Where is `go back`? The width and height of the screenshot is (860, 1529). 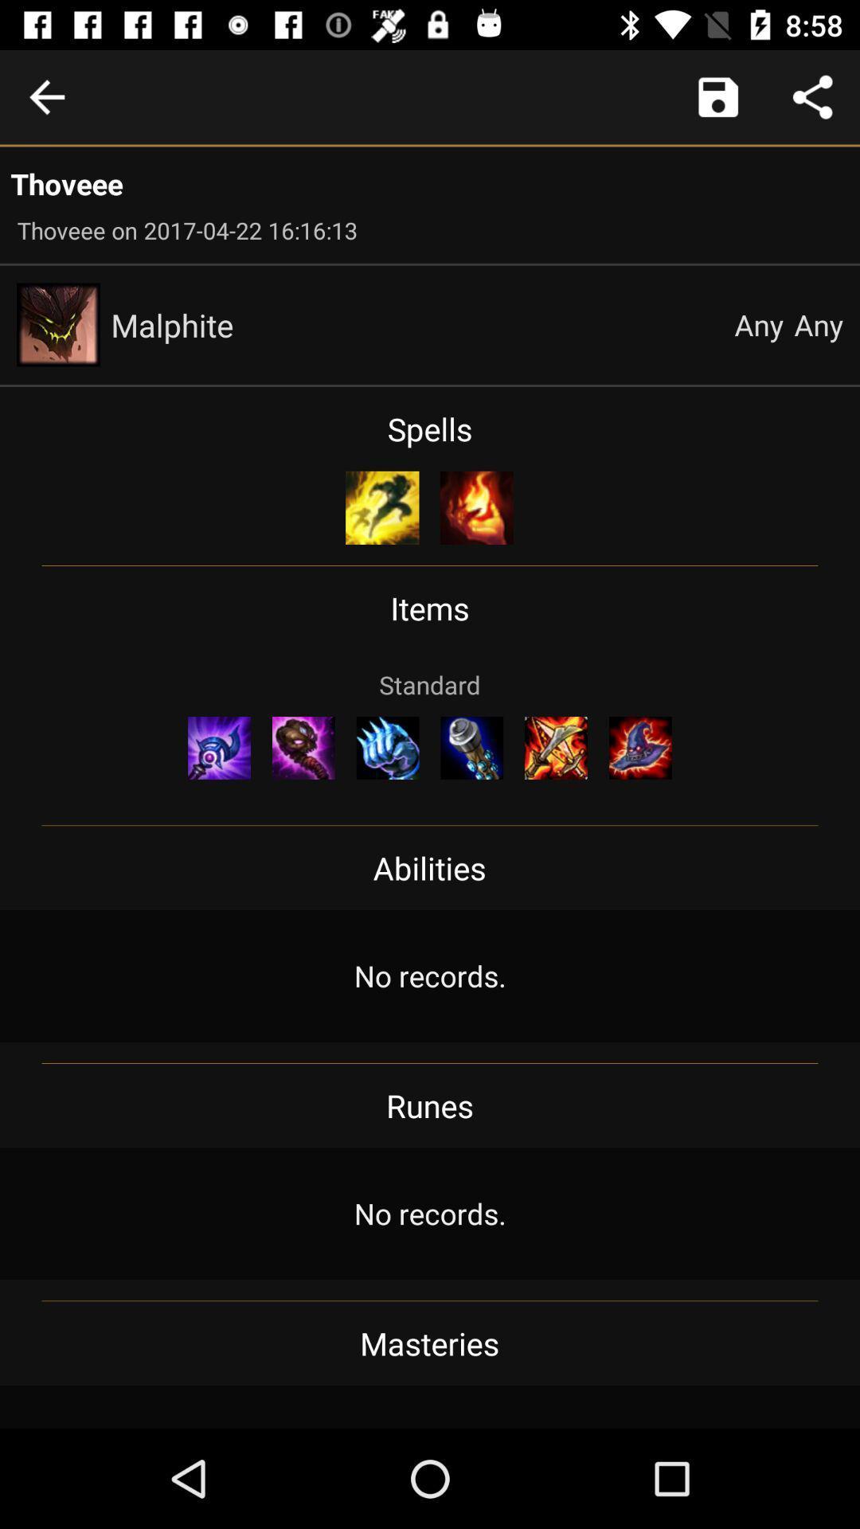 go back is located at coordinates (46, 96).